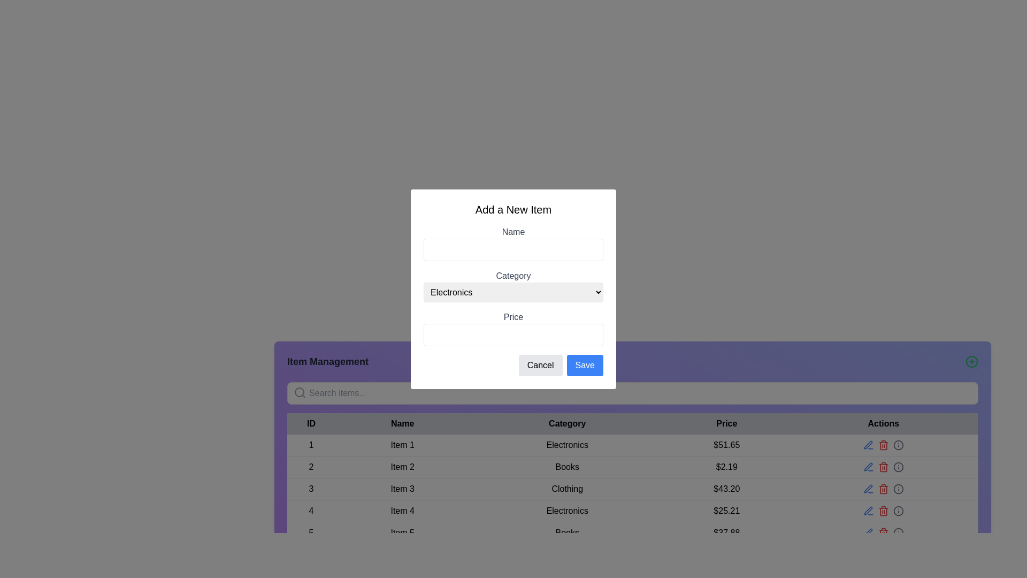  Describe the element at coordinates (883, 446) in the screenshot. I see `the red stylized trash bin icon in the action column of the item management table for 'Item 1' to initiate a delete action` at that location.